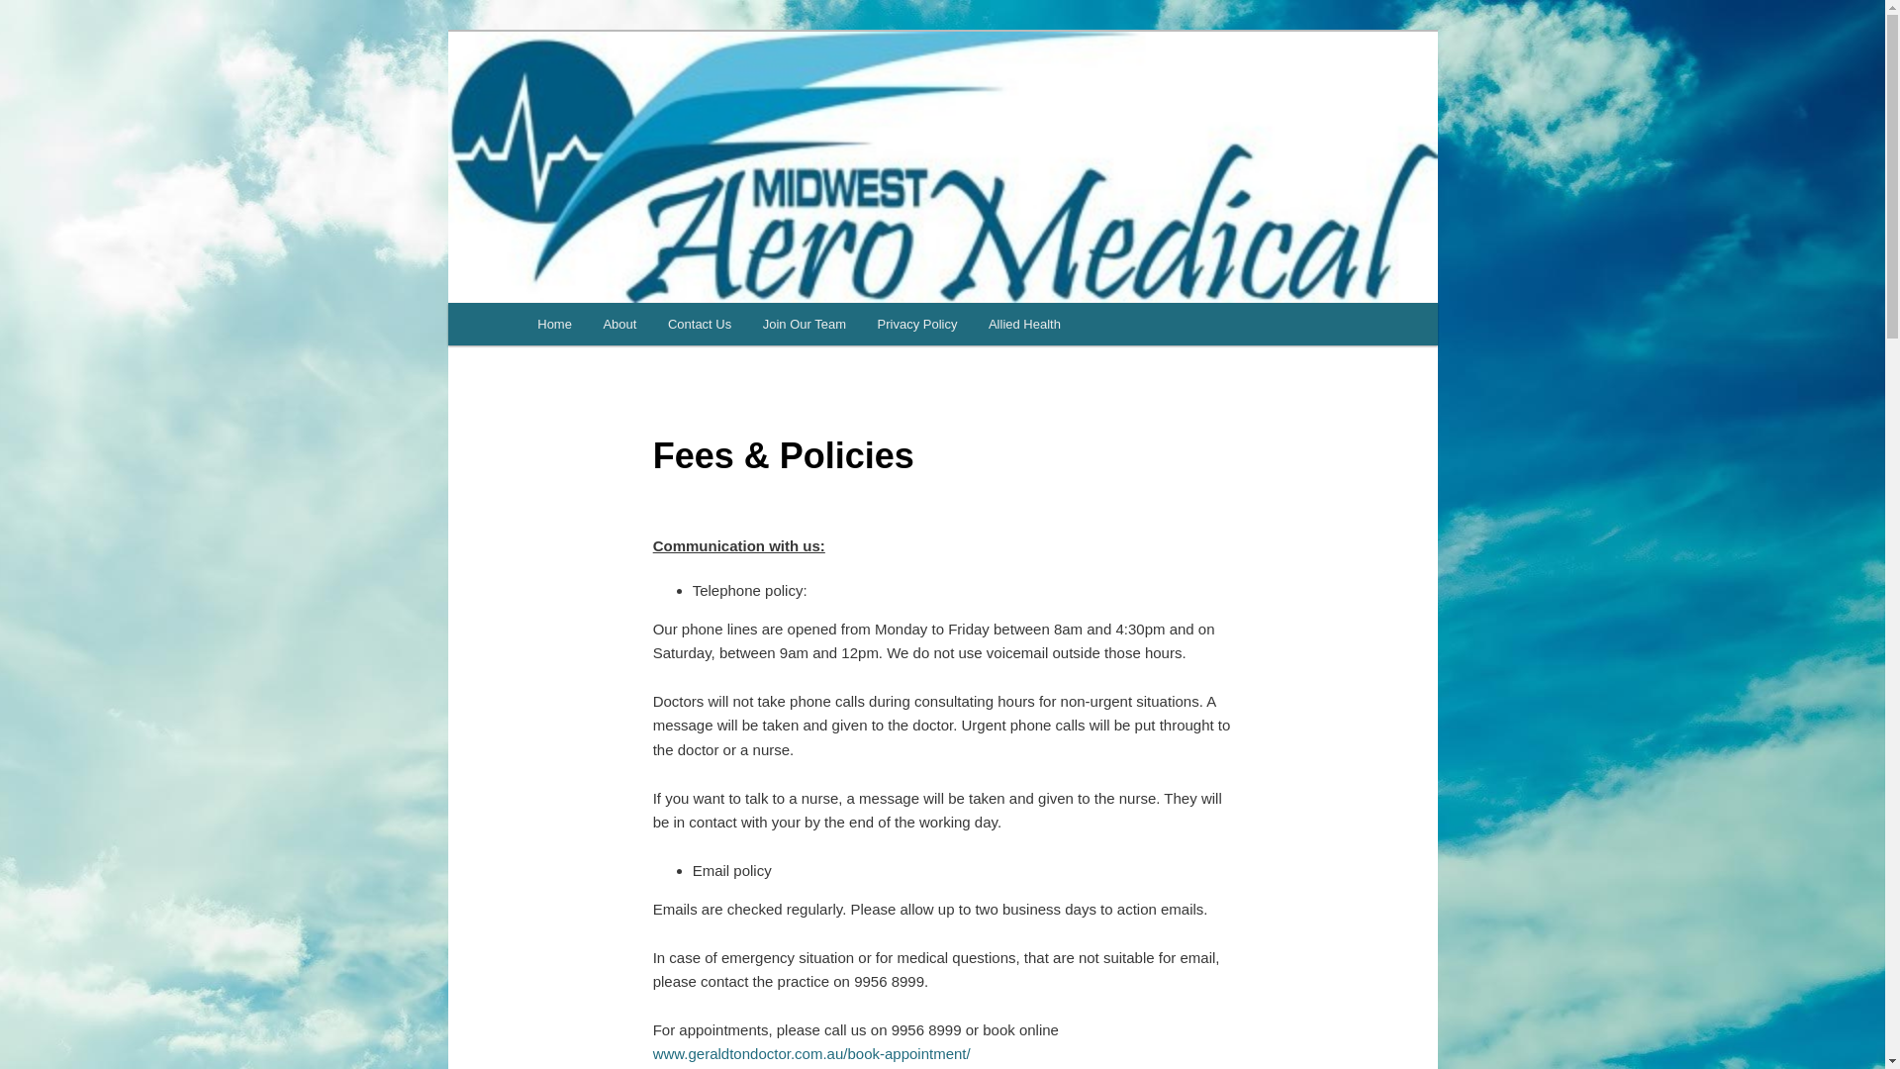 Image resolution: width=1900 pixels, height=1069 pixels. What do you see at coordinates (973, 323) in the screenshot?
I see `'Allied Health'` at bounding box center [973, 323].